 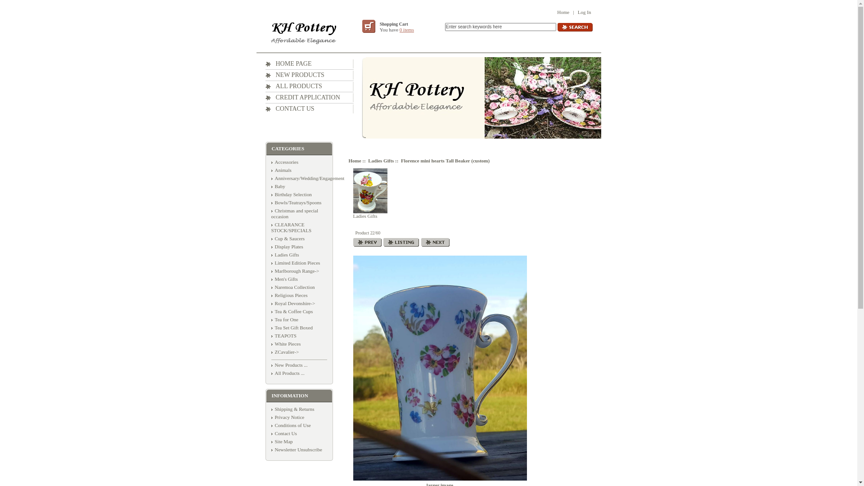 What do you see at coordinates (286, 246) in the screenshot?
I see `'Display Plates'` at bounding box center [286, 246].